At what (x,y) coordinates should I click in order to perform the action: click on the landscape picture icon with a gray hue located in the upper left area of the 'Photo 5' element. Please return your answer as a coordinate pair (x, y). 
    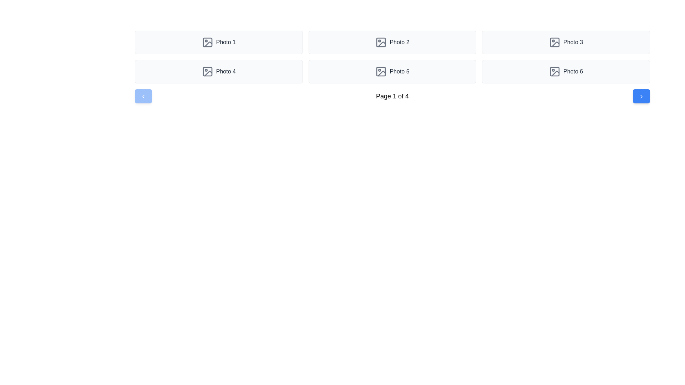
    Looking at the image, I should click on (381, 71).